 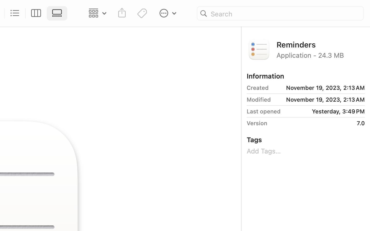 I want to click on 'Yesterday, 3:49 PM', so click(x=325, y=111).